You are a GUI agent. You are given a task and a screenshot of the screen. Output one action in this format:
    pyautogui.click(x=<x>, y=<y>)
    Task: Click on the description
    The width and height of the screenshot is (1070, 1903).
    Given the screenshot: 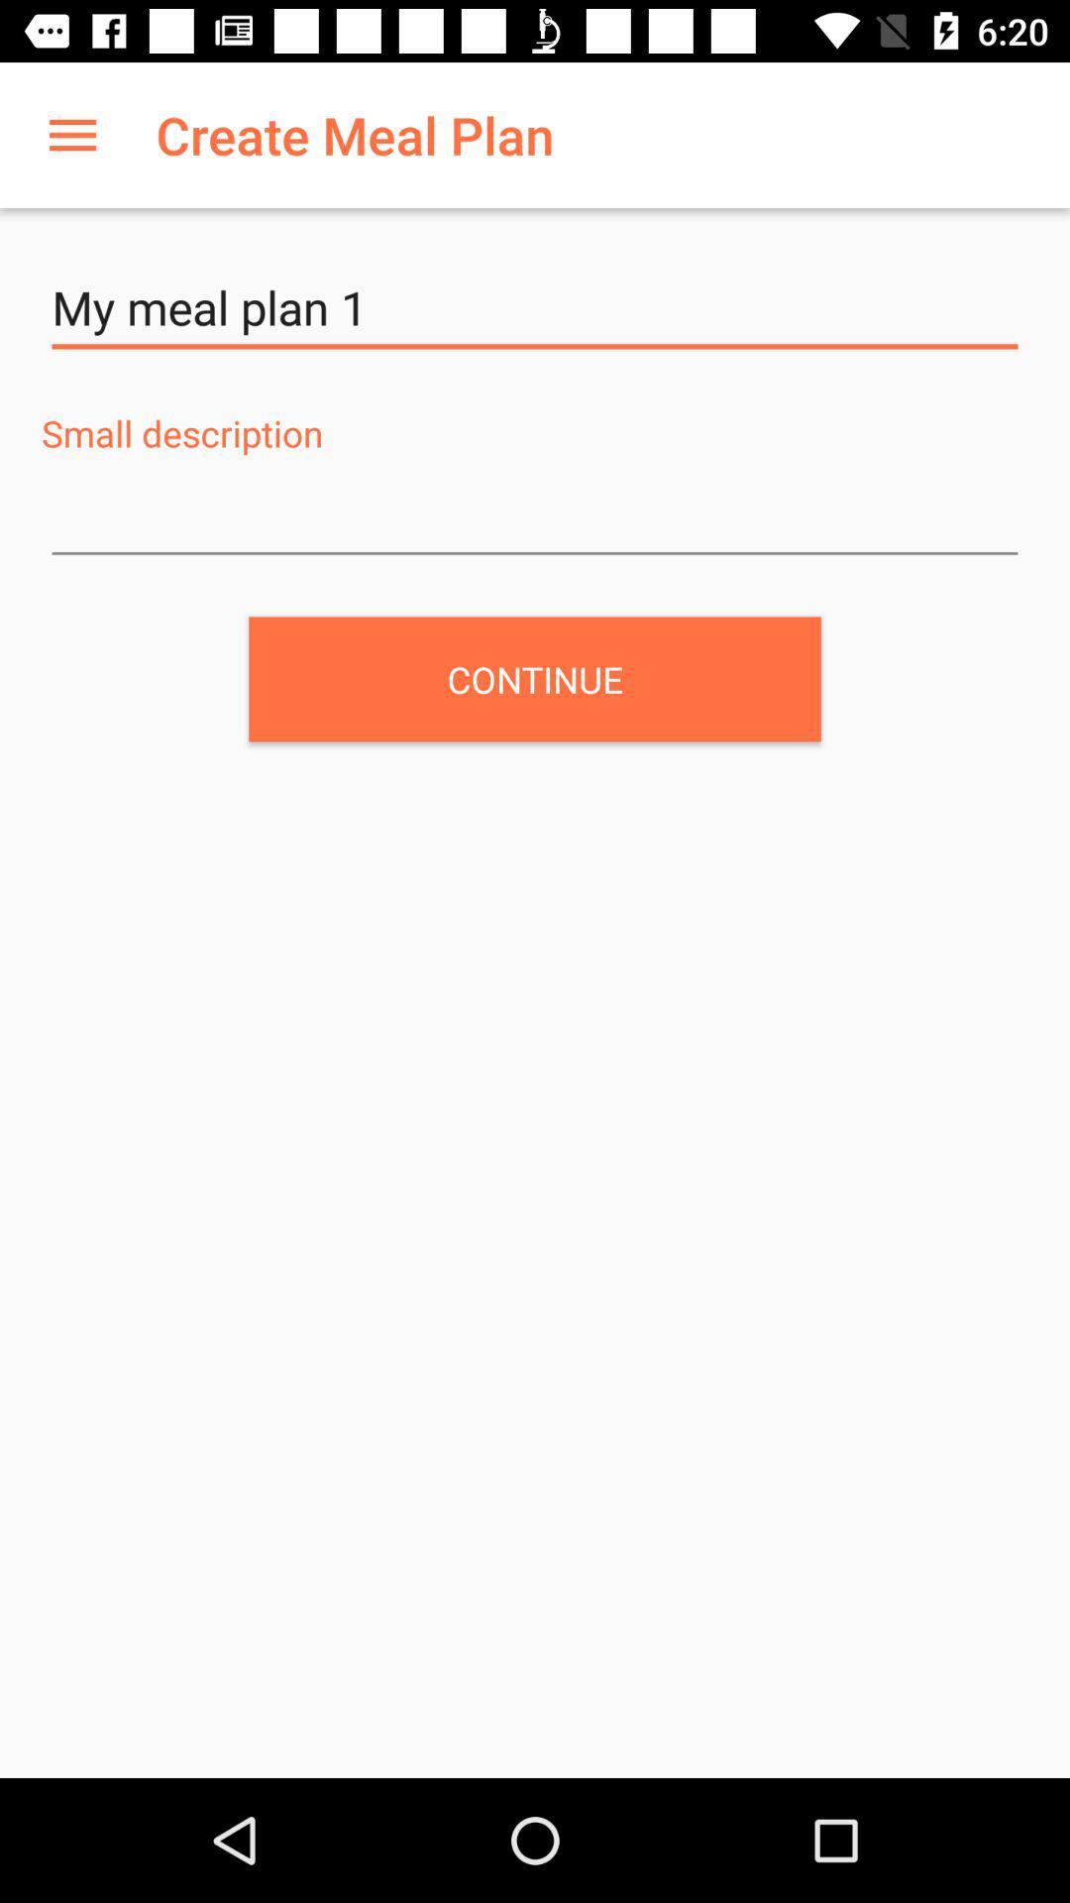 What is the action you would take?
    pyautogui.click(x=535, y=516)
    